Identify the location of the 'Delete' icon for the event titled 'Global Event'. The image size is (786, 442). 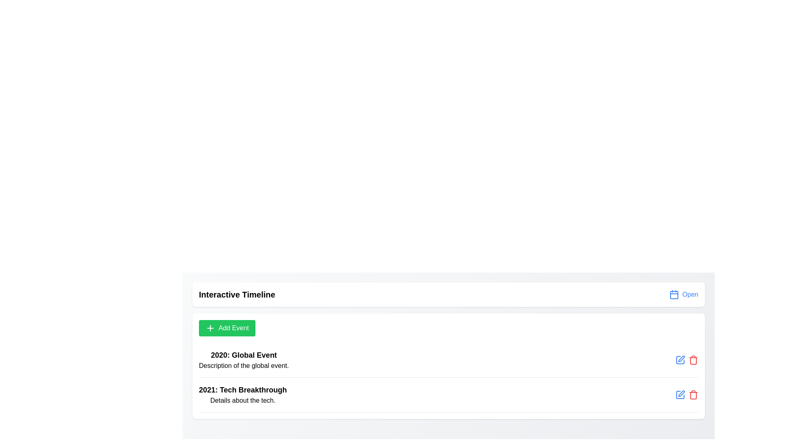
(693, 359).